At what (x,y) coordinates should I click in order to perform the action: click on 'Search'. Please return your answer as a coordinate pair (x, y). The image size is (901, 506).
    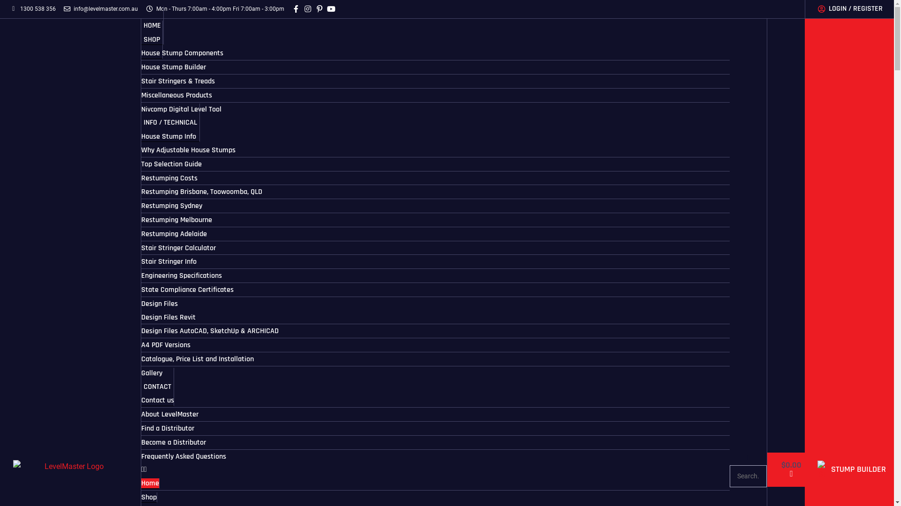
    Looking at the image, I should click on (729, 476).